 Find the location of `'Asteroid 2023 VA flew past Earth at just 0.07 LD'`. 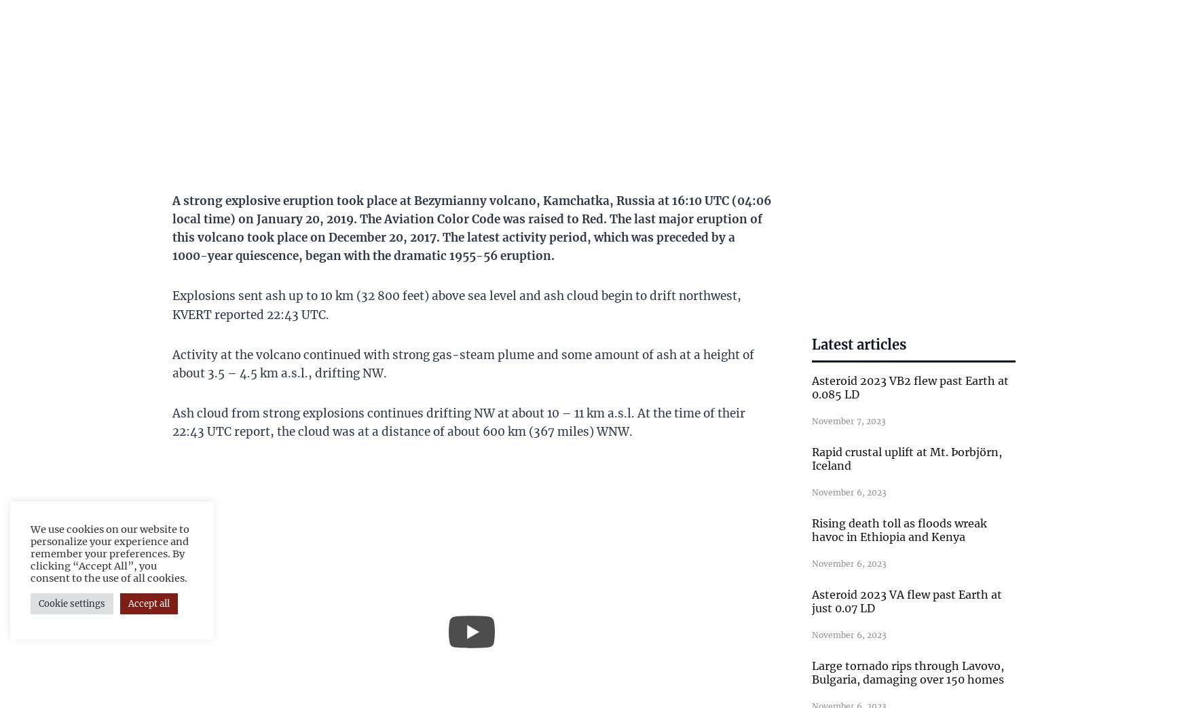

'Asteroid 2023 VA flew past Earth at just 0.07 LD' is located at coordinates (906, 600).